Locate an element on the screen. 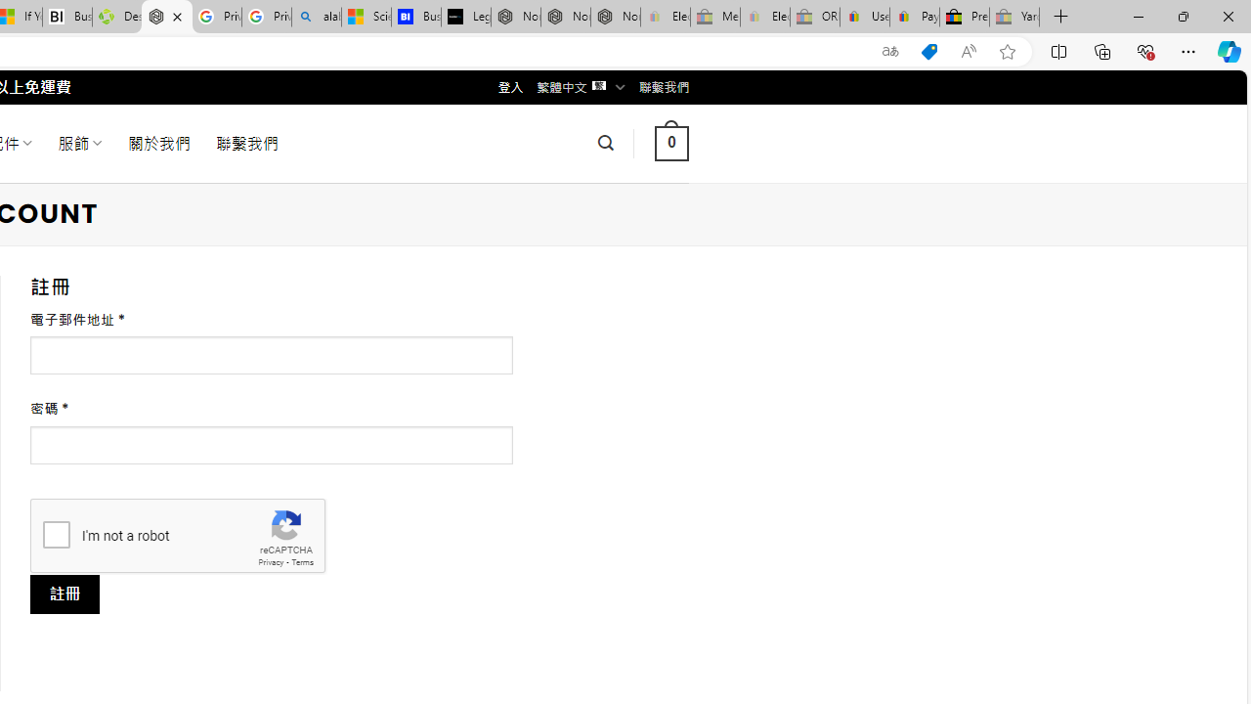 The image size is (1251, 704). 'User Privacy Notice | eBay' is located at coordinates (864, 17).